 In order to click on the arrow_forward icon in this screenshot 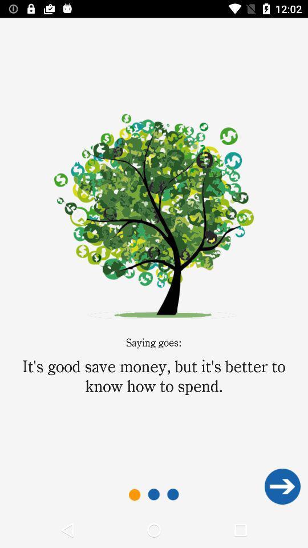, I will do `click(282, 486)`.